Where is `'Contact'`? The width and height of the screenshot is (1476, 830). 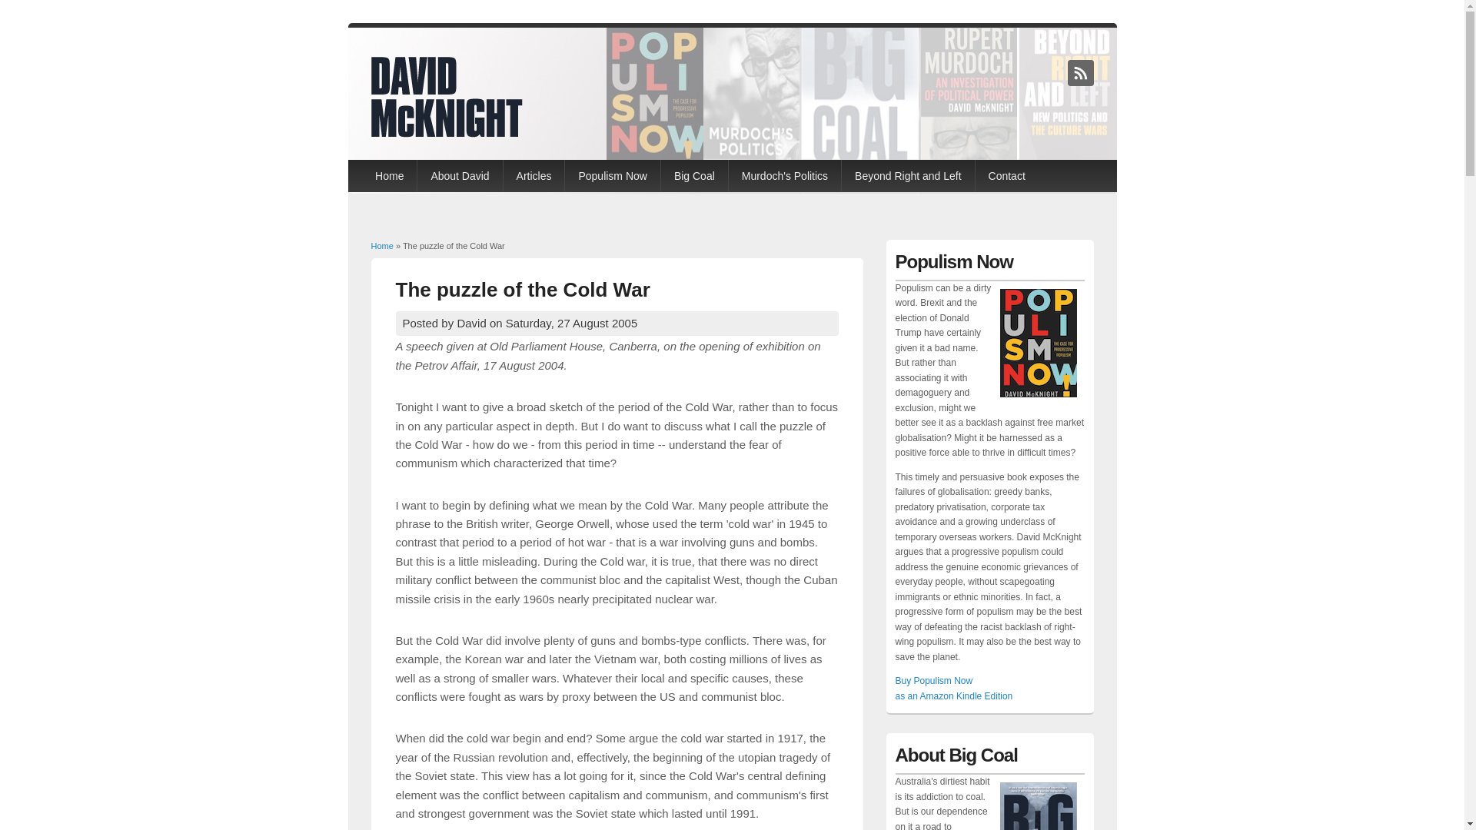 'Contact' is located at coordinates (1007, 174).